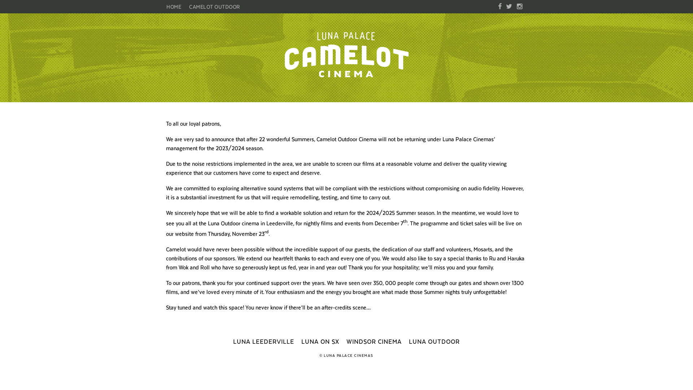 The height and width of the screenshot is (390, 693). I want to click on 'WINDSOR CINEMA', so click(374, 341).